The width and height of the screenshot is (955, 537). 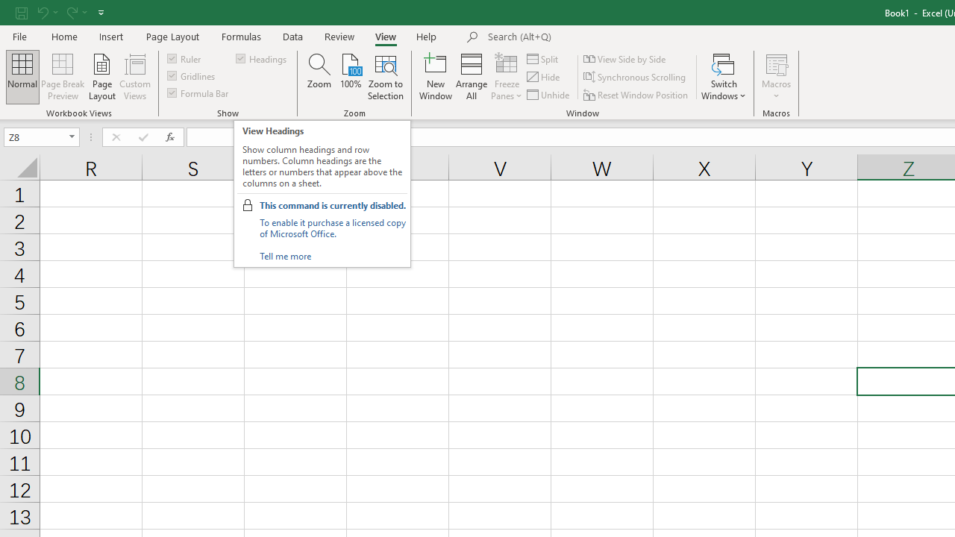 What do you see at coordinates (435, 77) in the screenshot?
I see `'New Window'` at bounding box center [435, 77].